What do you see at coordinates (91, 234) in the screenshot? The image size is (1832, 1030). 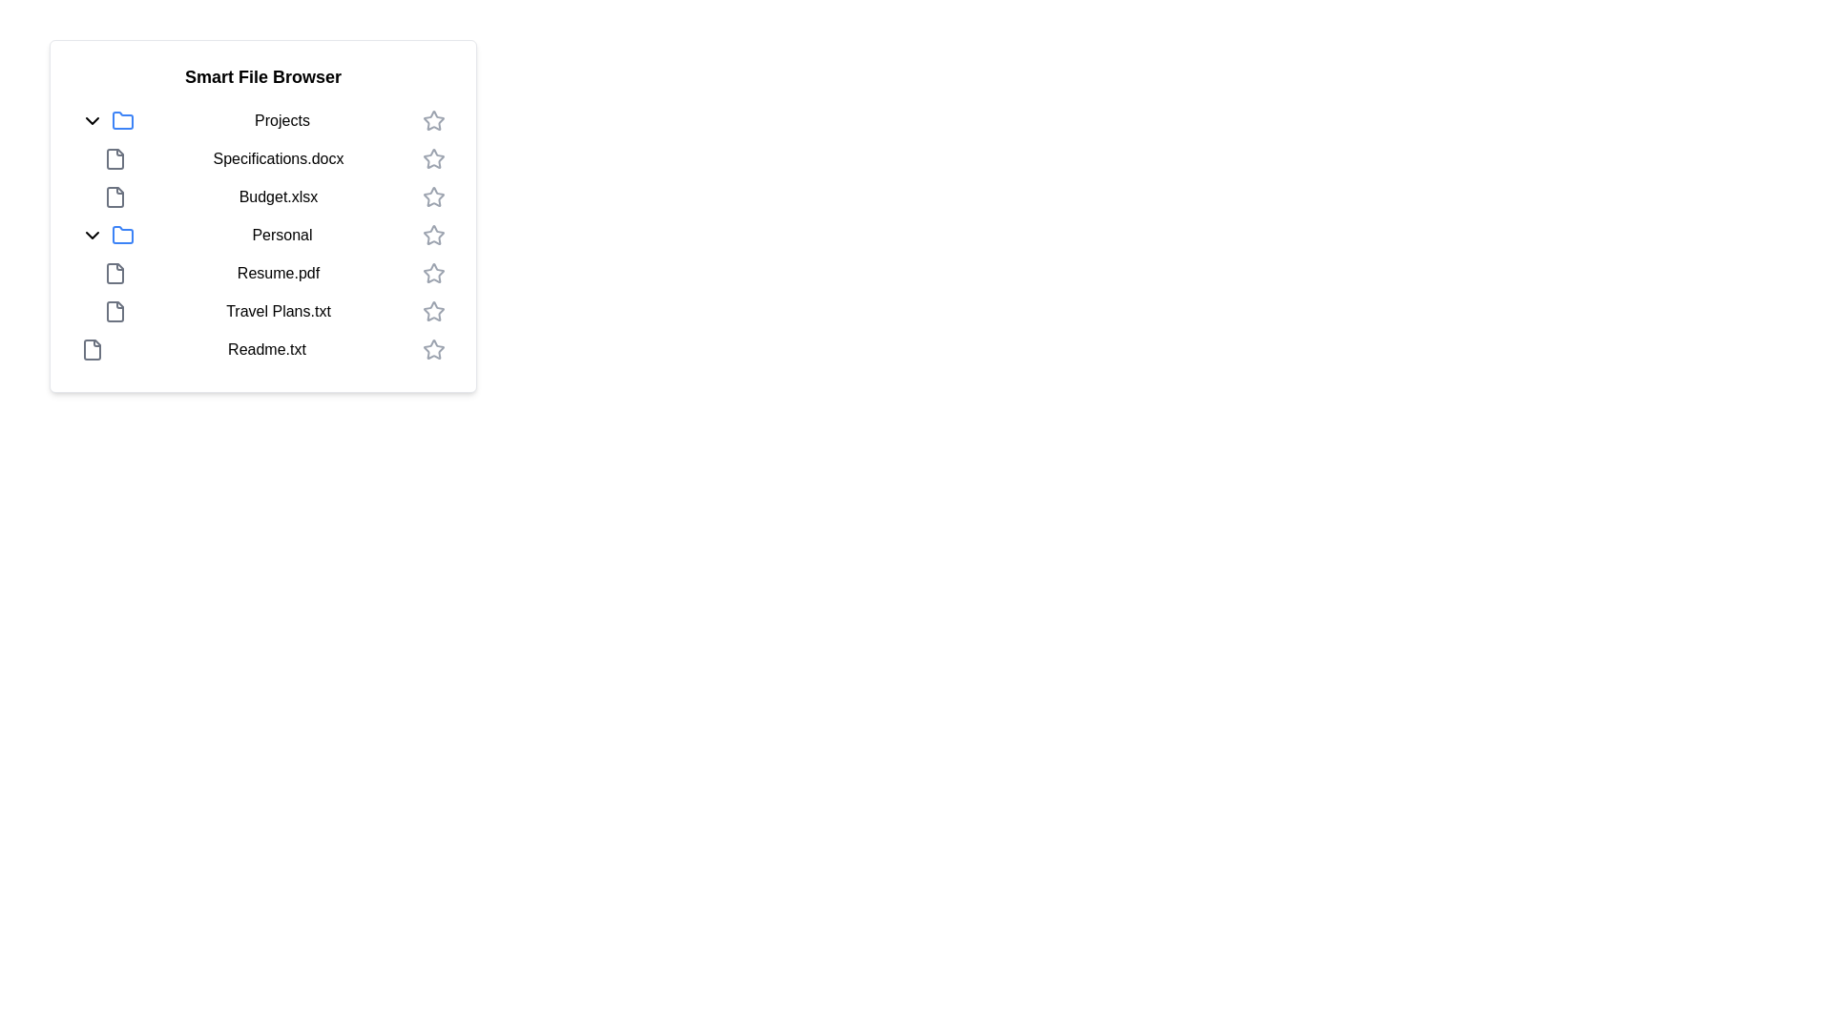 I see `the downward-facing chevron icon located before the text labeled 'Personal'` at bounding box center [91, 234].